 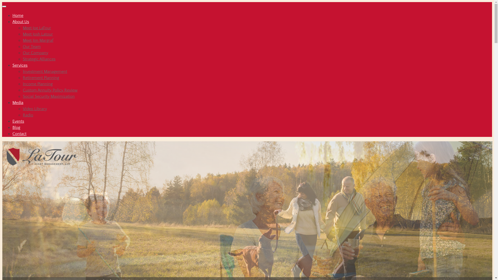 What do you see at coordinates (4, 6) in the screenshot?
I see `'Toggle navigation'` at bounding box center [4, 6].